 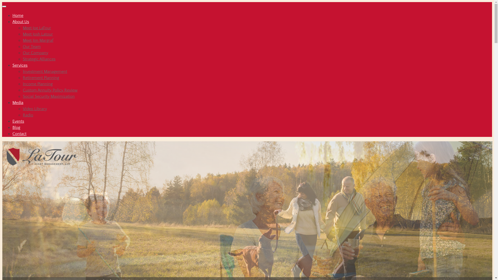 What do you see at coordinates (4, 6) in the screenshot?
I see `'Toggle navigation'` at bounding box center [4, 6].